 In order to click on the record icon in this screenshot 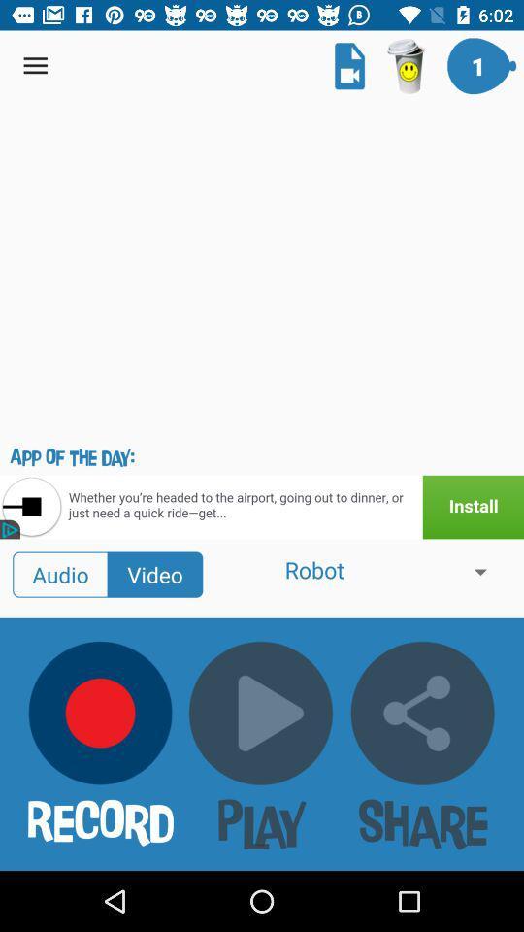, I will do `click(101, 712)`.